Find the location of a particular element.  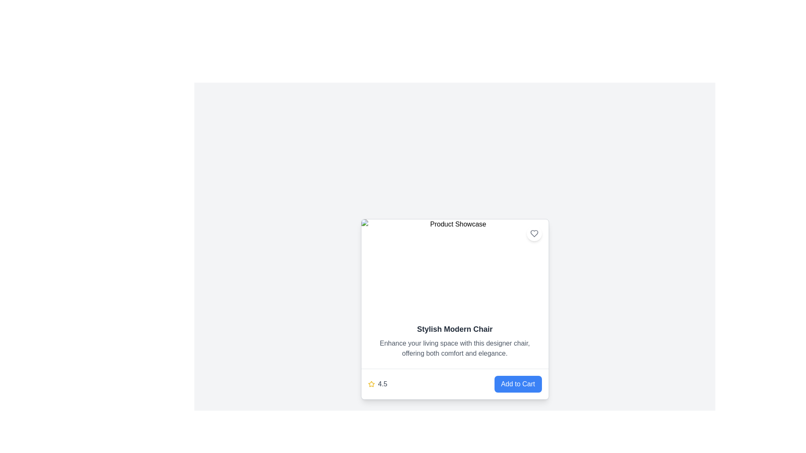

the Text label that visually represents the rating score, positioned to the right of the yellow star icon in the product details card is located at coordinates (382, 384).